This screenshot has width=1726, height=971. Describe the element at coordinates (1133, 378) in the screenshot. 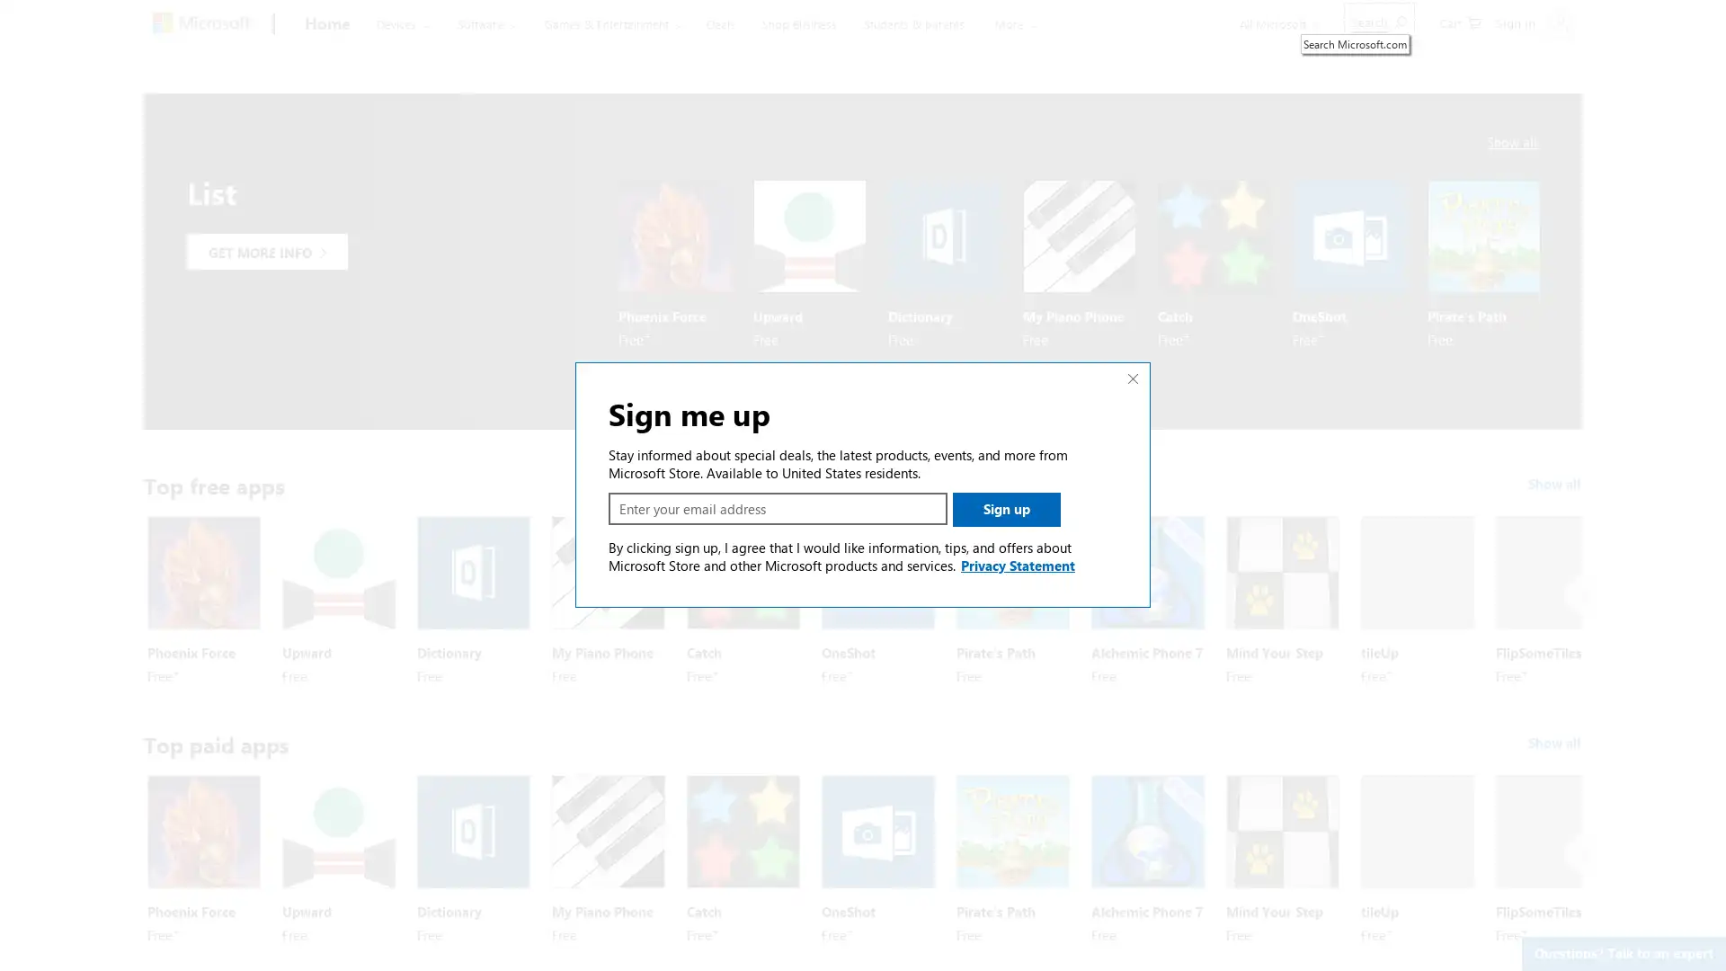

I see `Close` at that location.